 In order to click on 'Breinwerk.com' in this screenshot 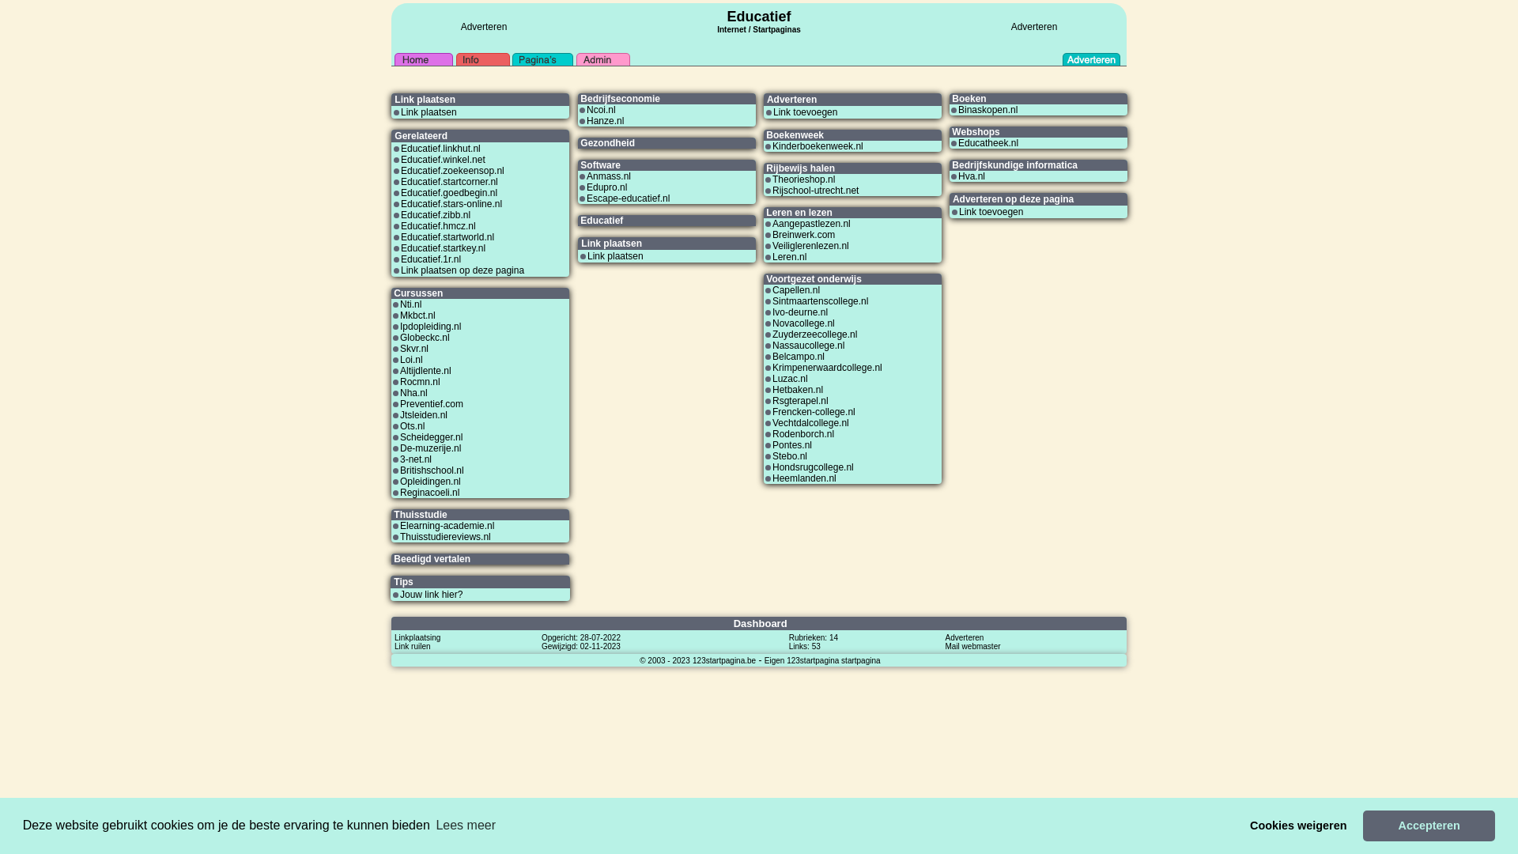, I will do `click(803, 235)`.